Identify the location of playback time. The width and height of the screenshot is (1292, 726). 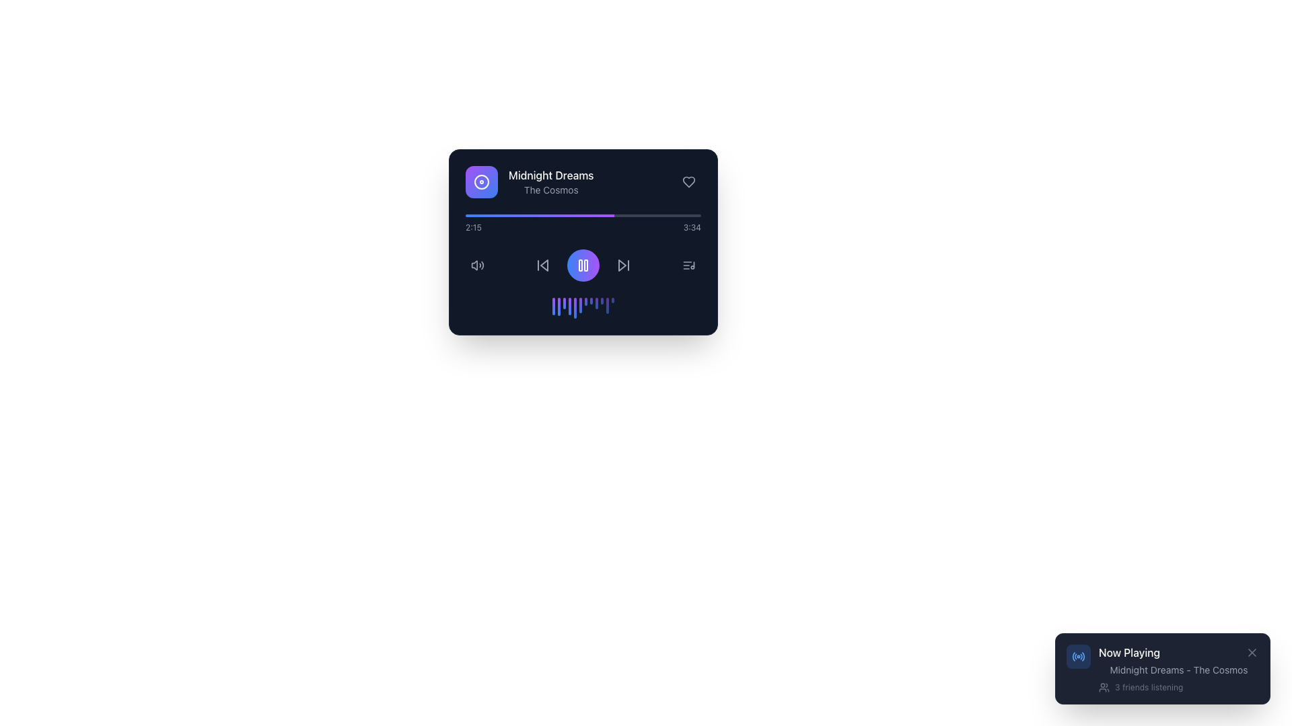
(626, 214).